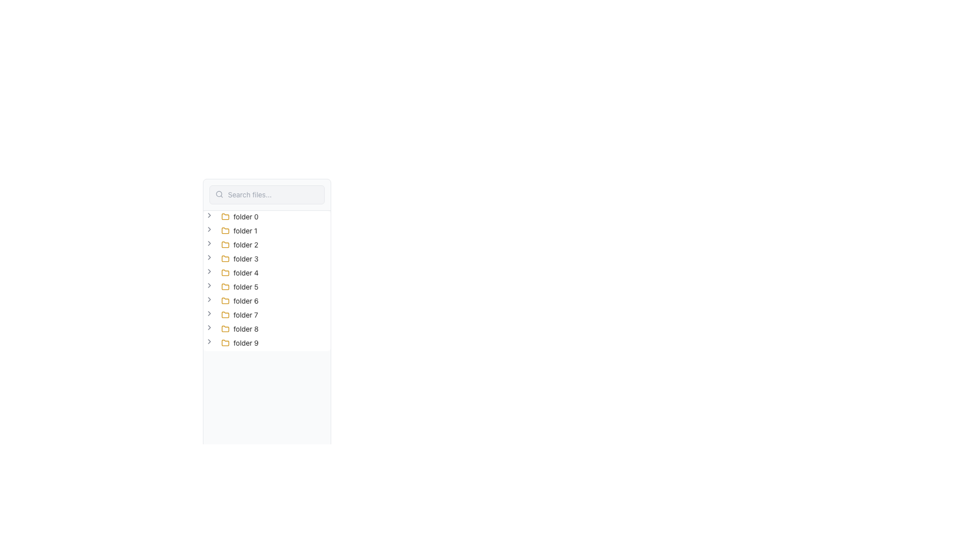 The height and width of the screenshot is (541, 962). I want to click on the fifth folder item in the file browsing interface, so click(239, 273).